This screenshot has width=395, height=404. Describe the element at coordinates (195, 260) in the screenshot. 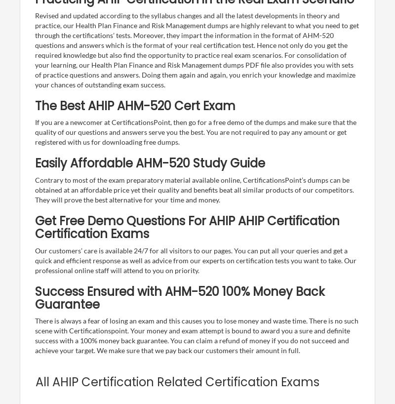

I see `'Our customers’ care is available 24/7 for all visitors to our pages. You can put all your queries and get a quick and efficient response as well as advice from our experts on certification tests you want to take. Our professional online staff will attend to you on priority.'` at that location.